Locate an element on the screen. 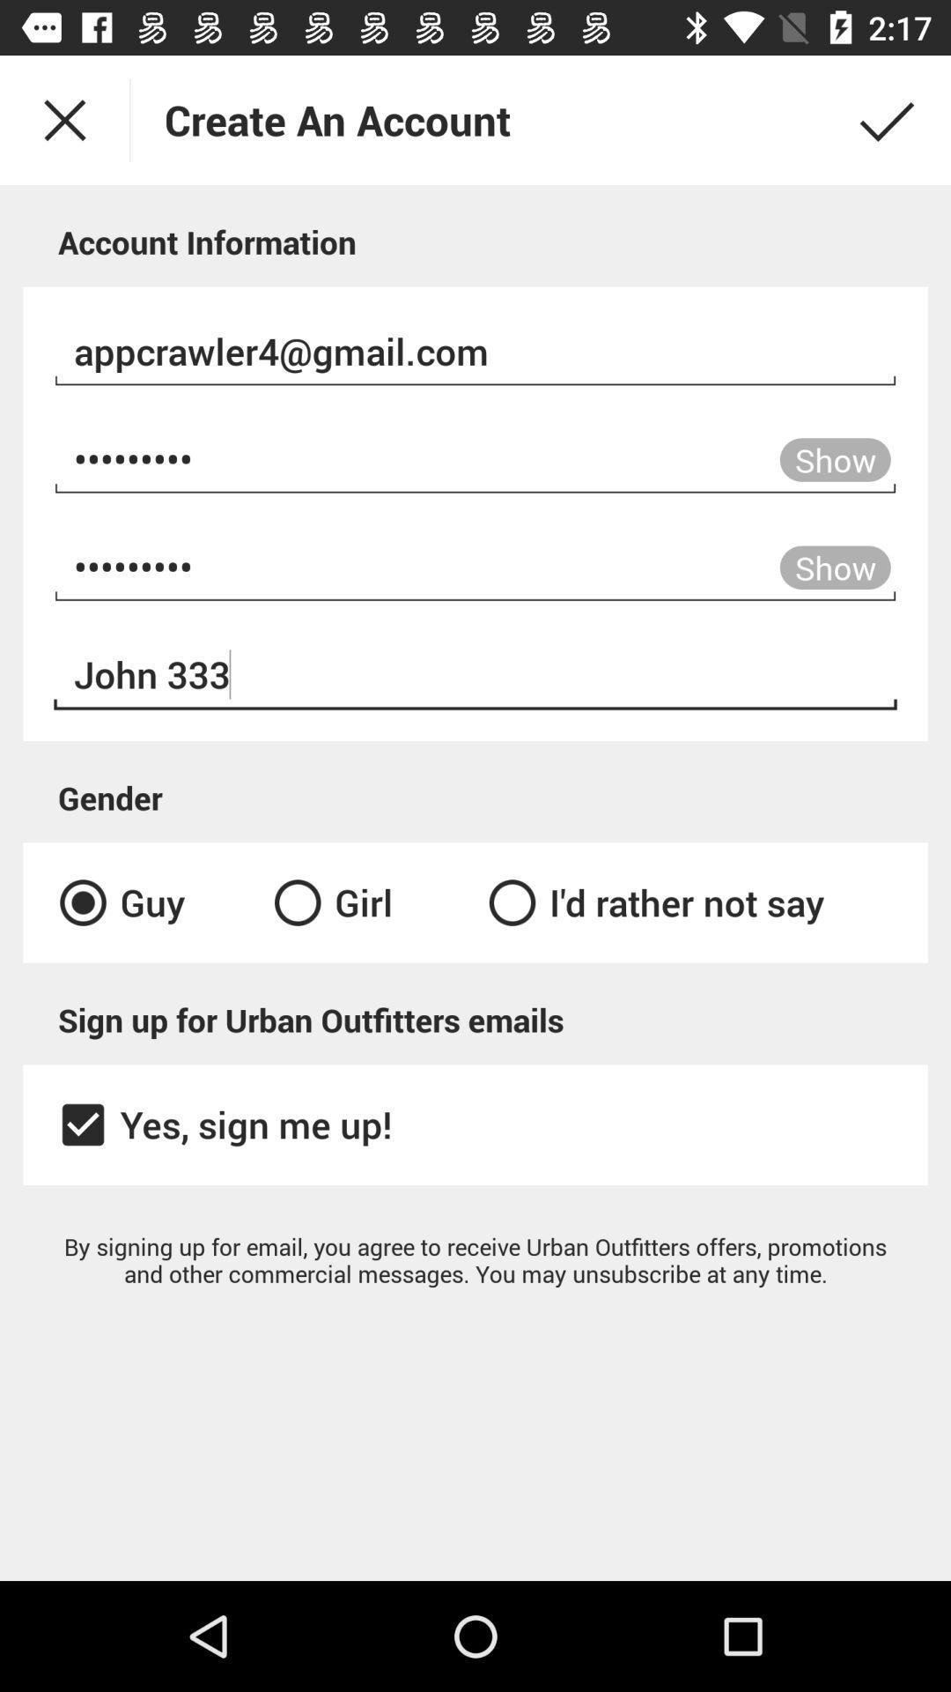  the close icon is located at coordinates (63, 119).